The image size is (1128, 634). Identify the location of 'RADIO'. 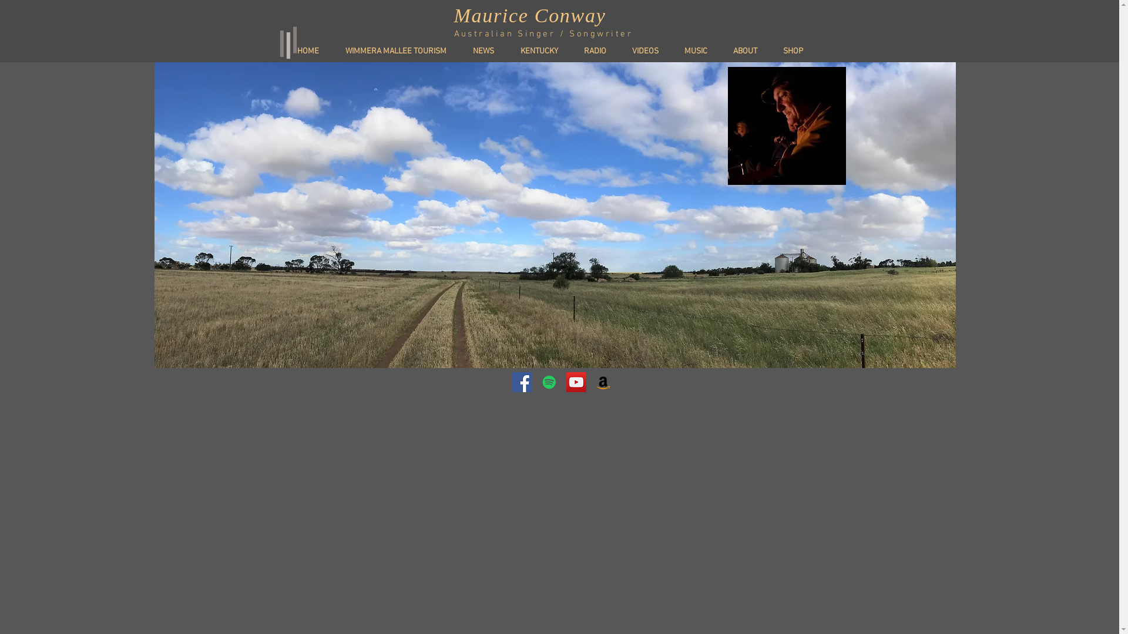
(575, 51).